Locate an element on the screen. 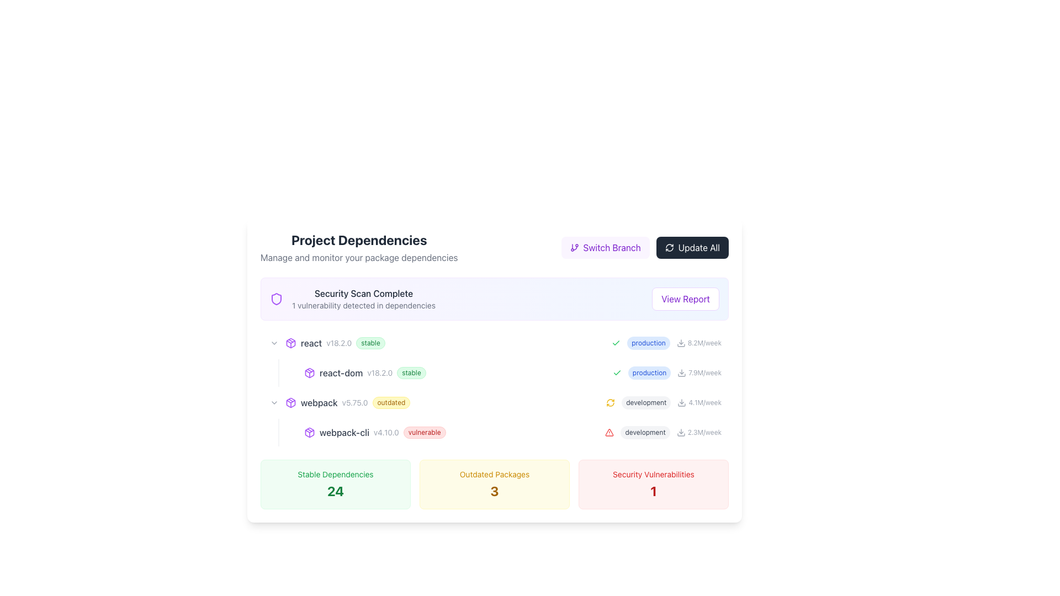 The image size is (1060, 596). the download statistics icon located to the left of the text '4.1M/week' in the horizontal group is located at coordinates (681, 402).